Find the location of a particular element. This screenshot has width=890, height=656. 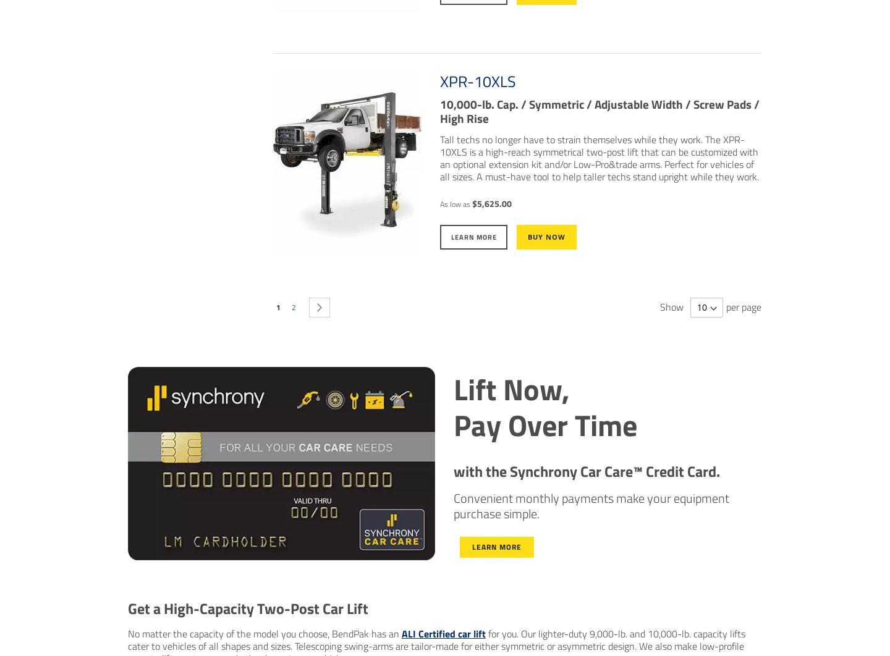

'Show' is located at coordinates (671, 305).